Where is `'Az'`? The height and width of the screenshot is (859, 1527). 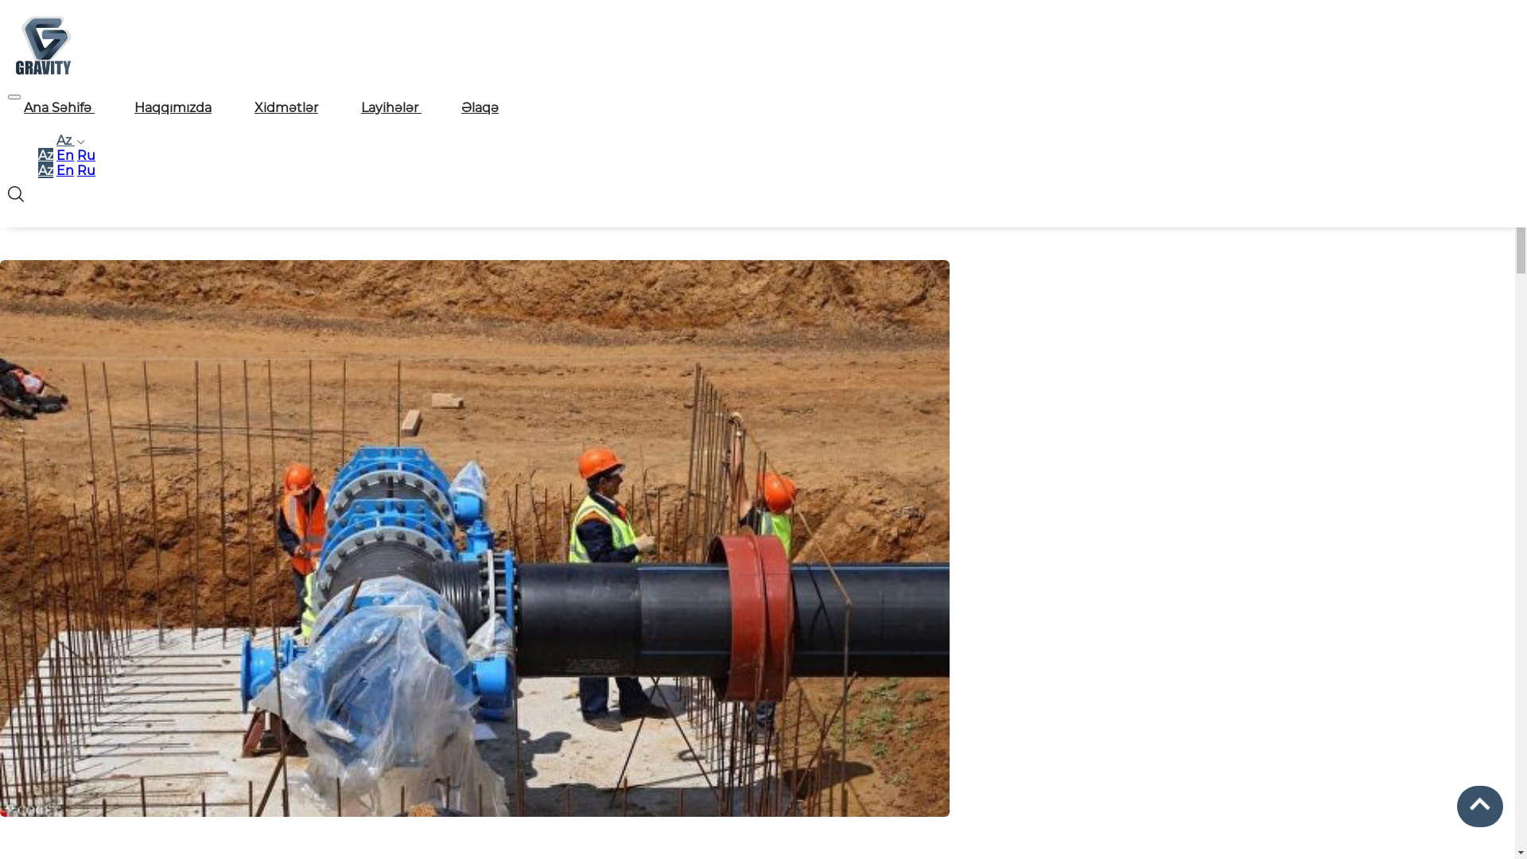
'Az' is located at coordinates (38, 155).